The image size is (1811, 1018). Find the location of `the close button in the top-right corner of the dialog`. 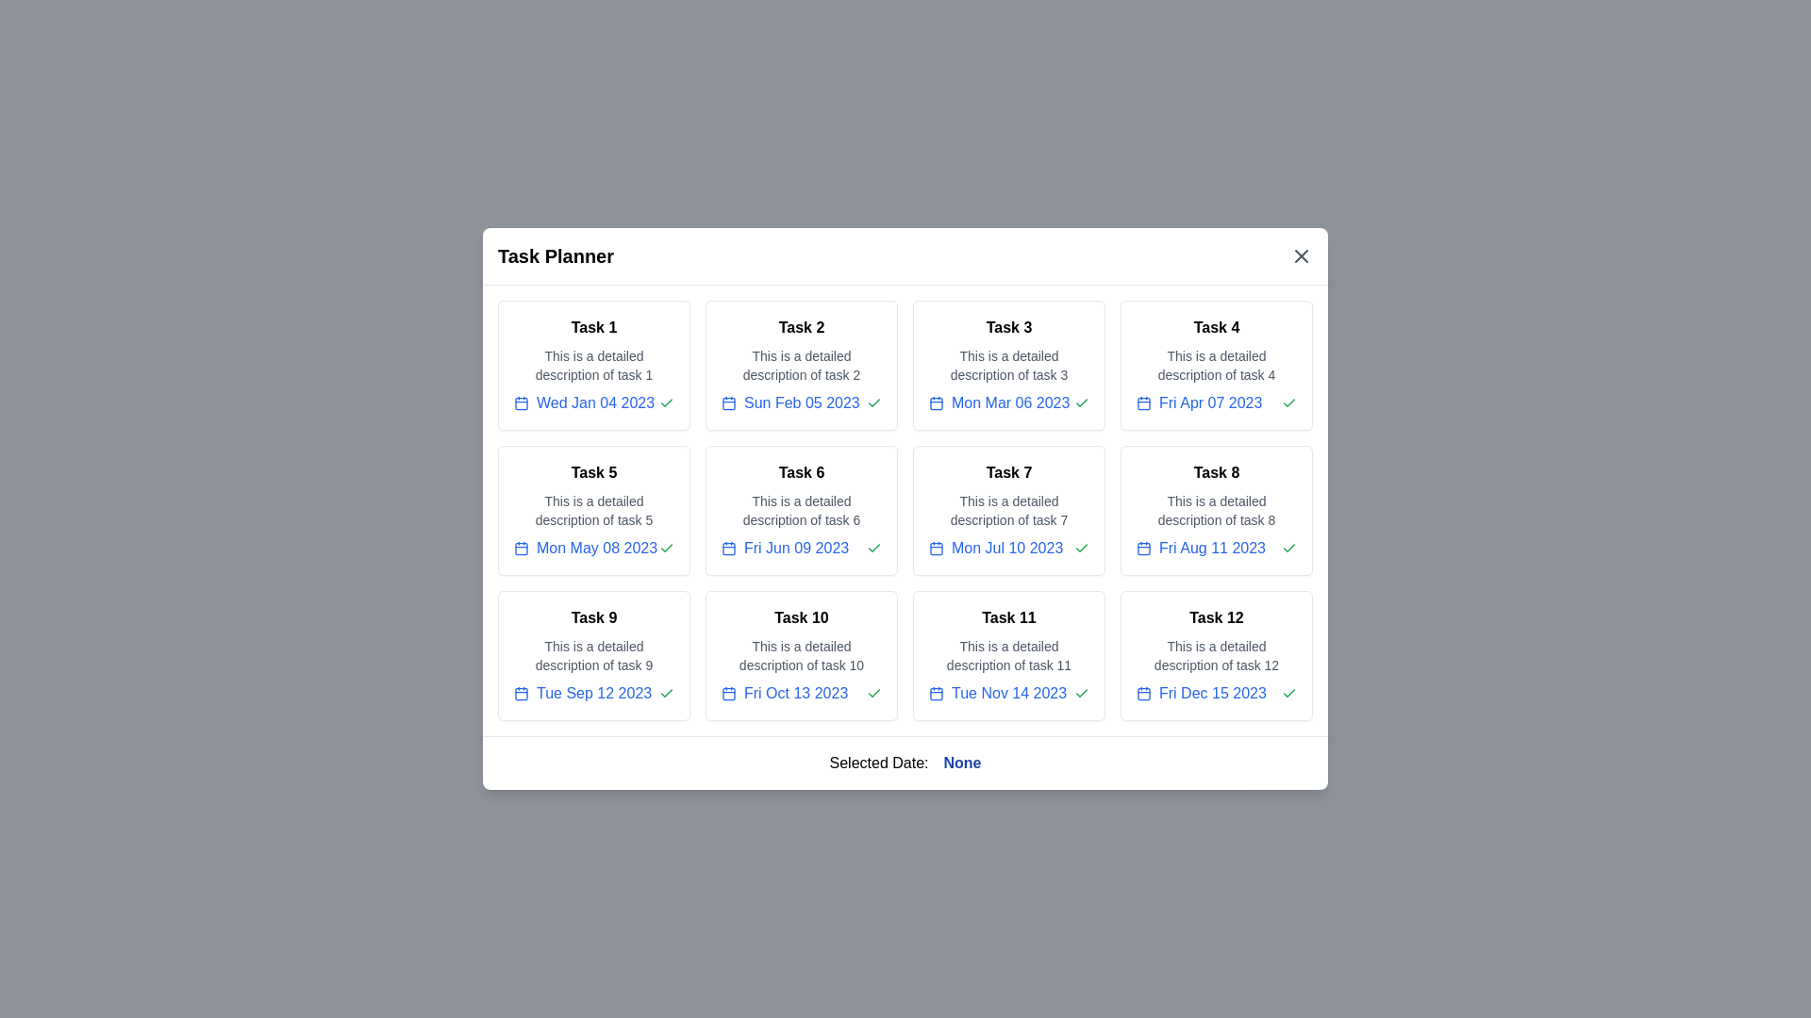

the close button in the top-right corner of the dialog is located at coordinates (1301, 256).